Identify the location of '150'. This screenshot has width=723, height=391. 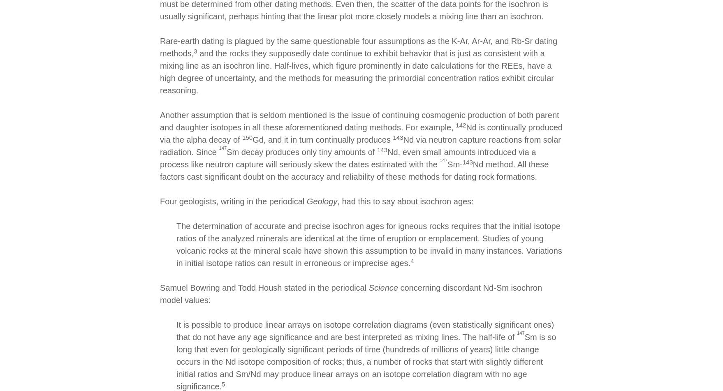
(242, 137).